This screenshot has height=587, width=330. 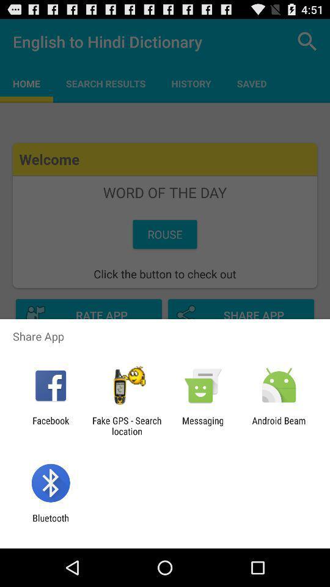 I want to click on the app to the left of the messaging icon, so click(x=126, y=426).